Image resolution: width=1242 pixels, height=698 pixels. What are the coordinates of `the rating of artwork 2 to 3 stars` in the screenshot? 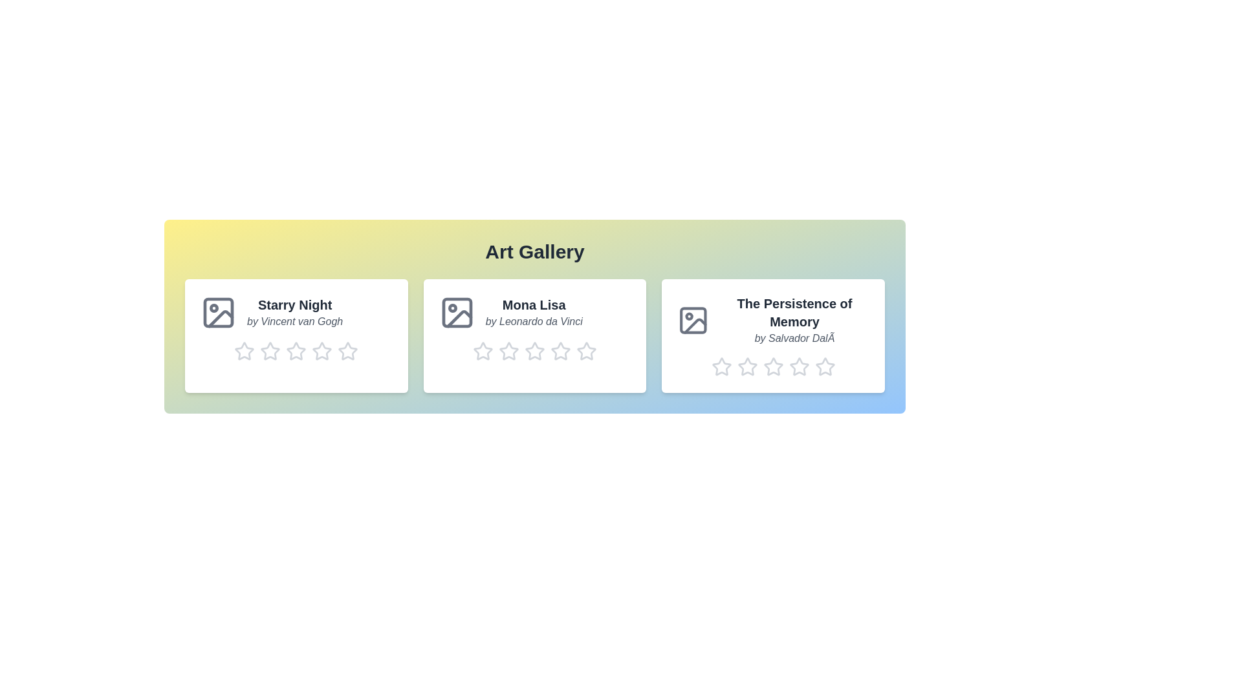 It's located at (525, 351).